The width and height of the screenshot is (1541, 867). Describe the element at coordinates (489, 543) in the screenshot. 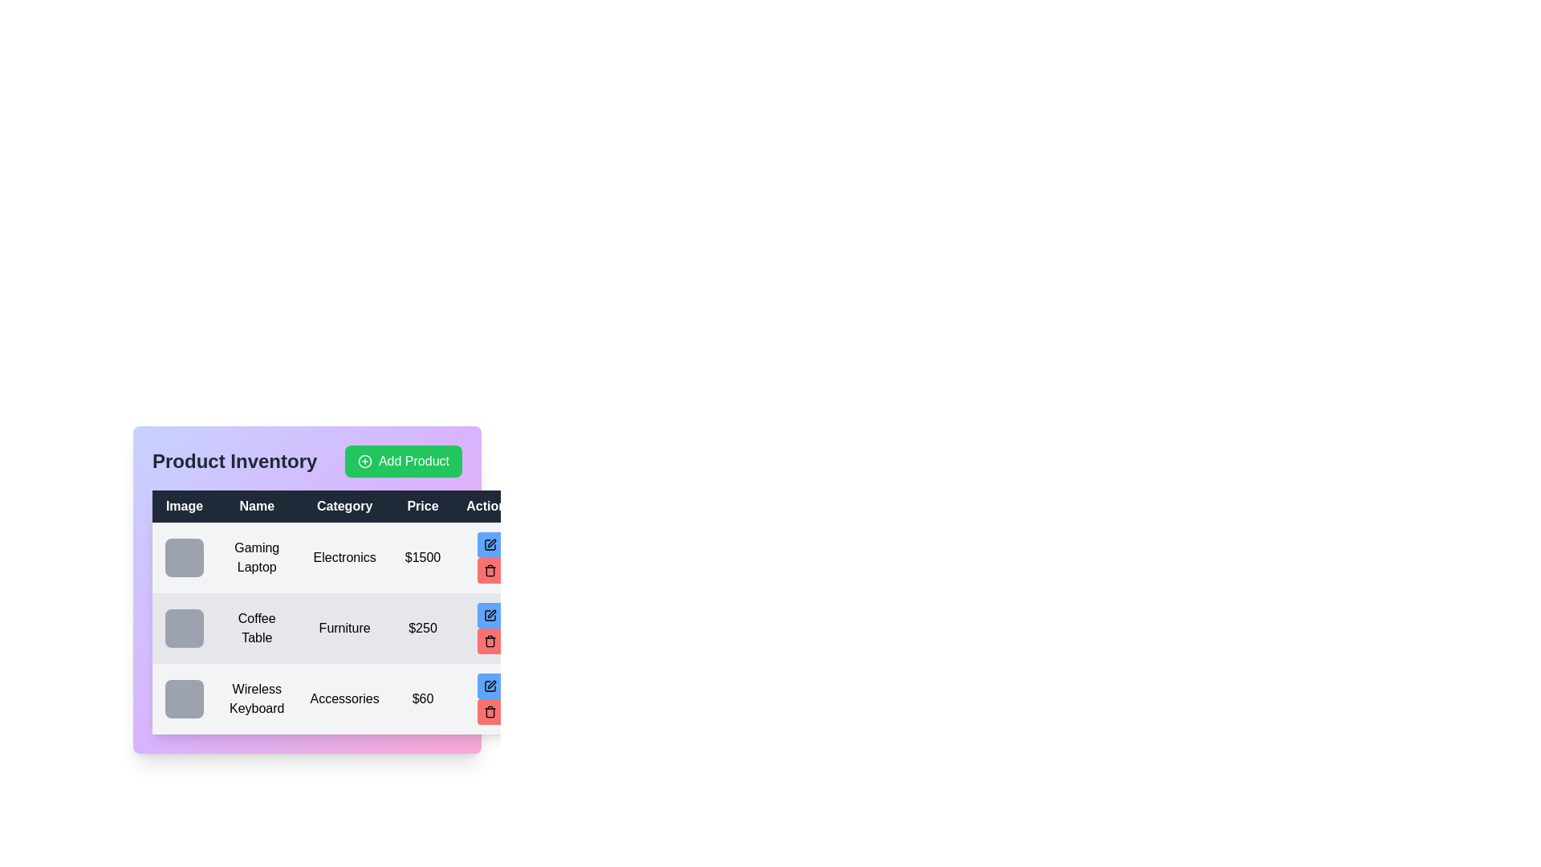

I see `the edit button icon with a pen illustration, located in the 'Actions' column for 'Gaming Laptop'` at that location.